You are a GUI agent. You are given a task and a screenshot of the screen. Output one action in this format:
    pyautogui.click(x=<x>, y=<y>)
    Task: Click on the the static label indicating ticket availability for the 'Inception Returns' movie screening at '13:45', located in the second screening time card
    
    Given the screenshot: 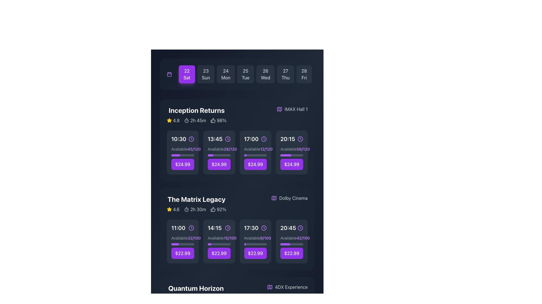 What is the action you would take?
    pyautogui.click(x=215, y=149)
    